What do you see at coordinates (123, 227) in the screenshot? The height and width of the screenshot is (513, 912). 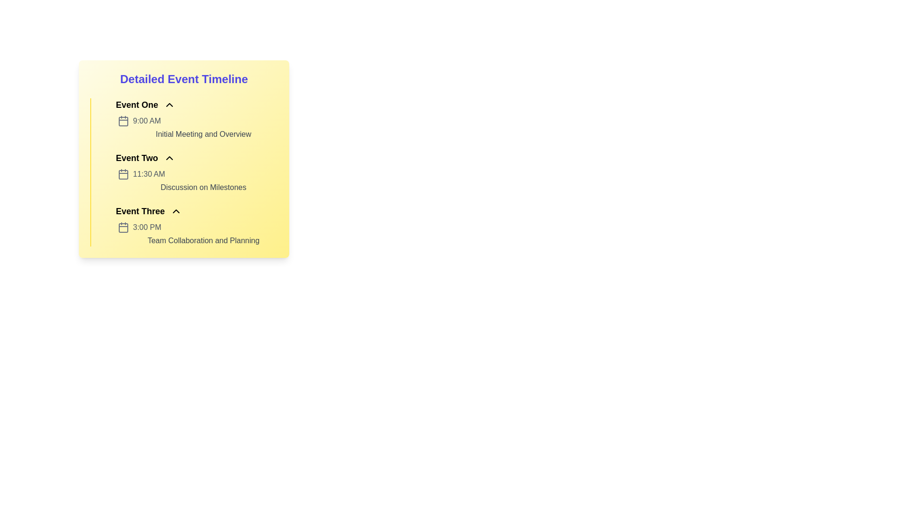 I see `the gray calendar icon with rounded corners located next to the text '3:00 PM' in the 'Event Three' section of the 'Detailed Event Timeline'` at bounding box center [123, 227].